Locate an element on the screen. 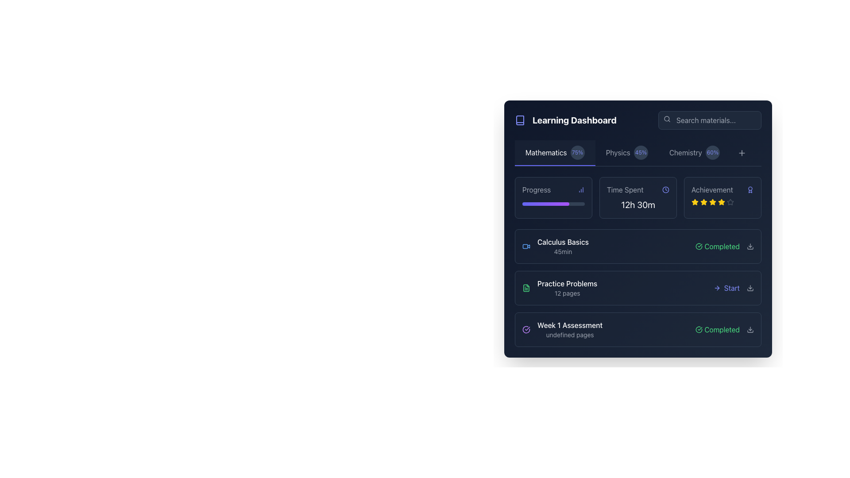 Image resolution: width=850 pixels, height=478 pixels. the fourth star in the five-star rating system located in the 'Achievement' section on the right side of the interface is located at coordinates (712, 202).